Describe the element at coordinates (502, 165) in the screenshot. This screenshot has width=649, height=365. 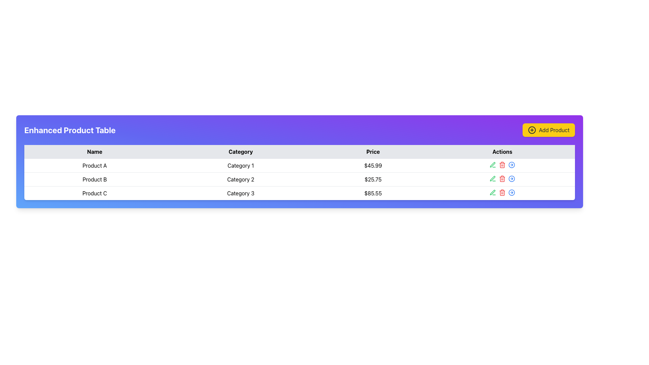
I see `the delete button icon located in the 'Actions' column, which is the second icon to the right of the green edit icon and to the left of the blue view icon` at that location.